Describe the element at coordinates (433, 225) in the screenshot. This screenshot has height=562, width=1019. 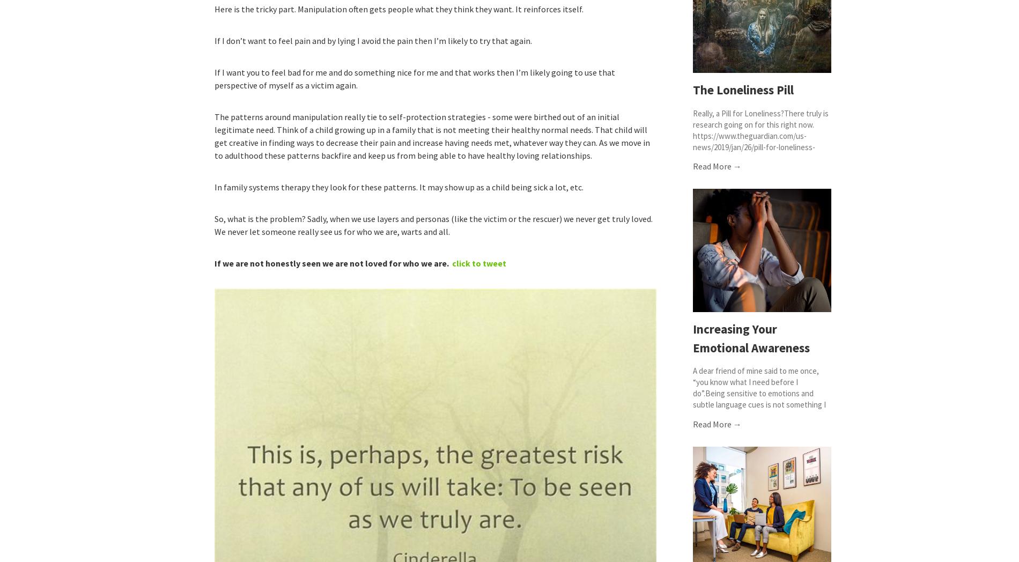
I see `'So, what is the problem? Sadly, when we use layers and personas (like the victim or the rescuer) we never get truly loved. We never let someone really see us for who we are, warts and all.'` at that location.